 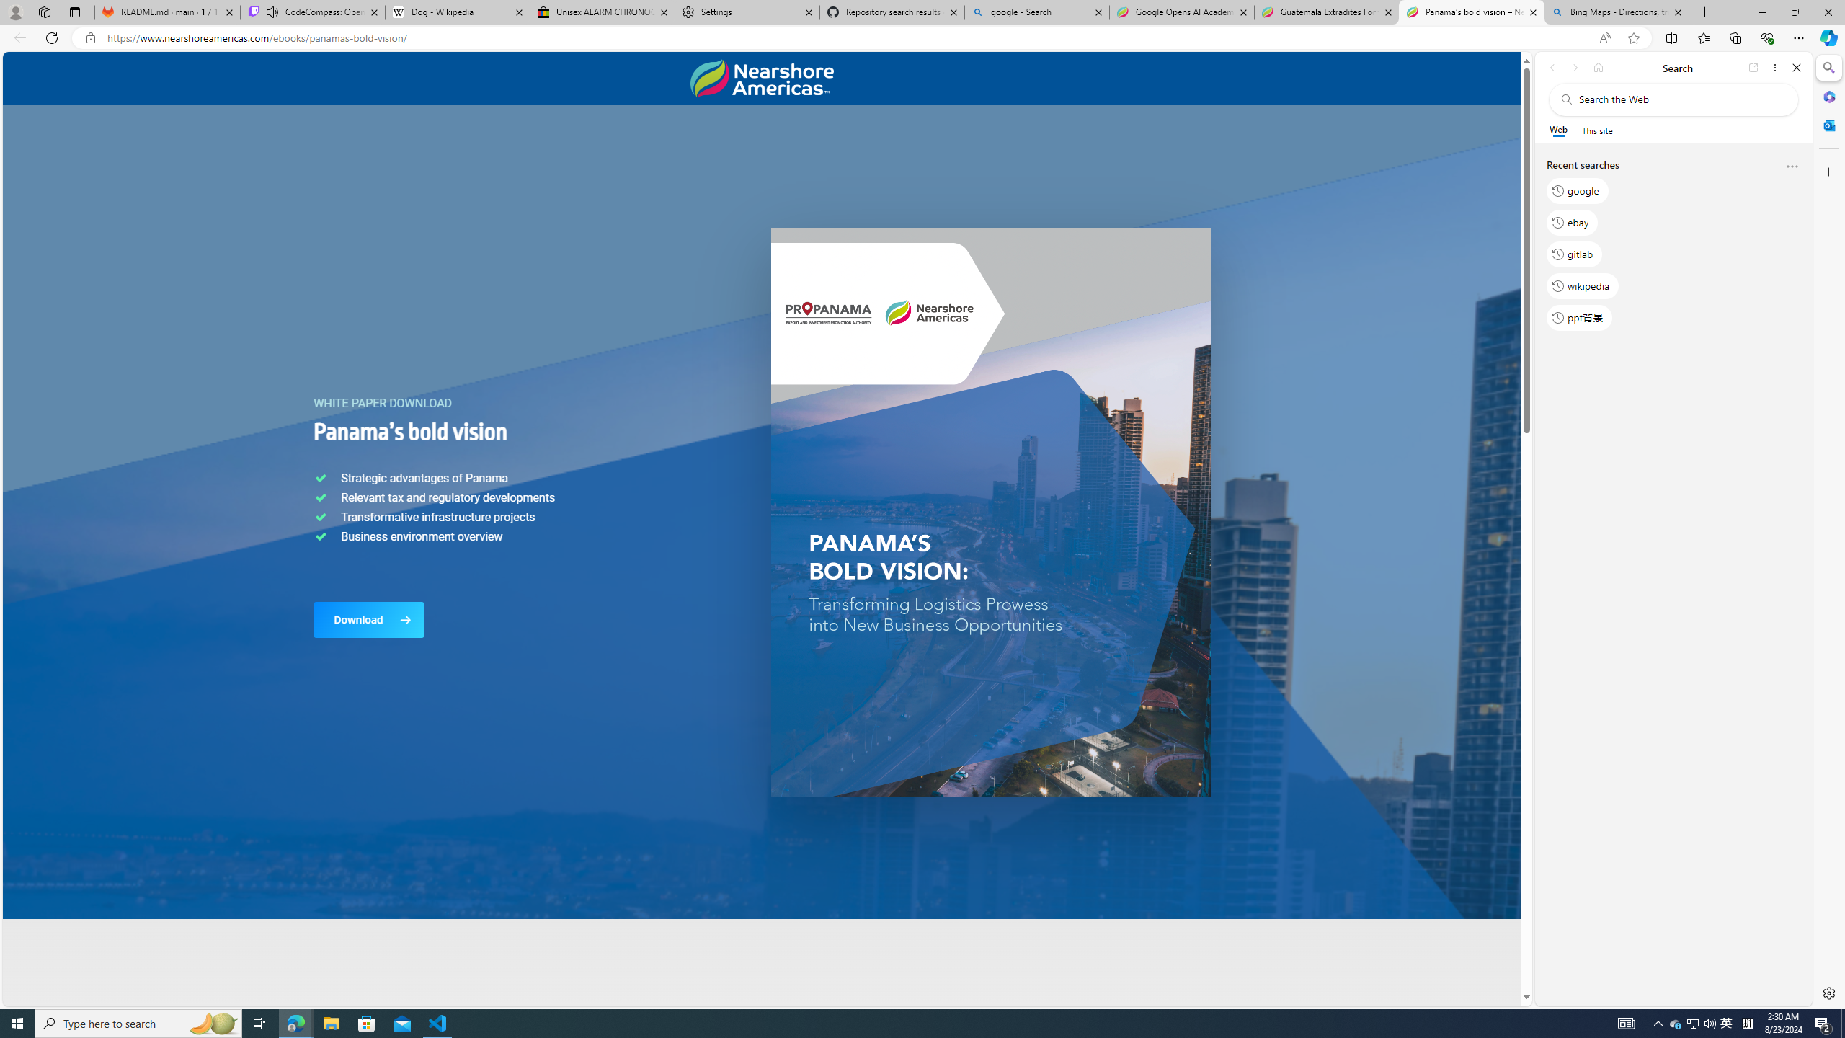 I want to click on 'Close', so click(x=1795, y=67).